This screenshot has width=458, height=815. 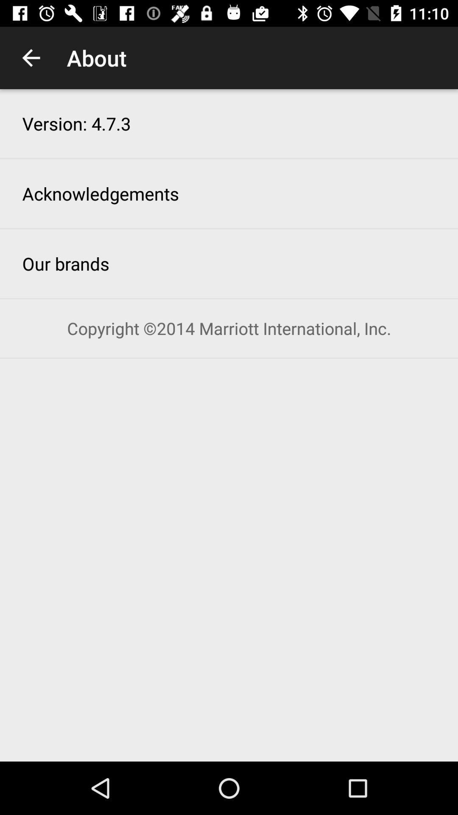 What do you see at coordinates (229, 328) in the screenshot?
I see `the copyright 2014 marriott item` at bounding box center [229, 328].